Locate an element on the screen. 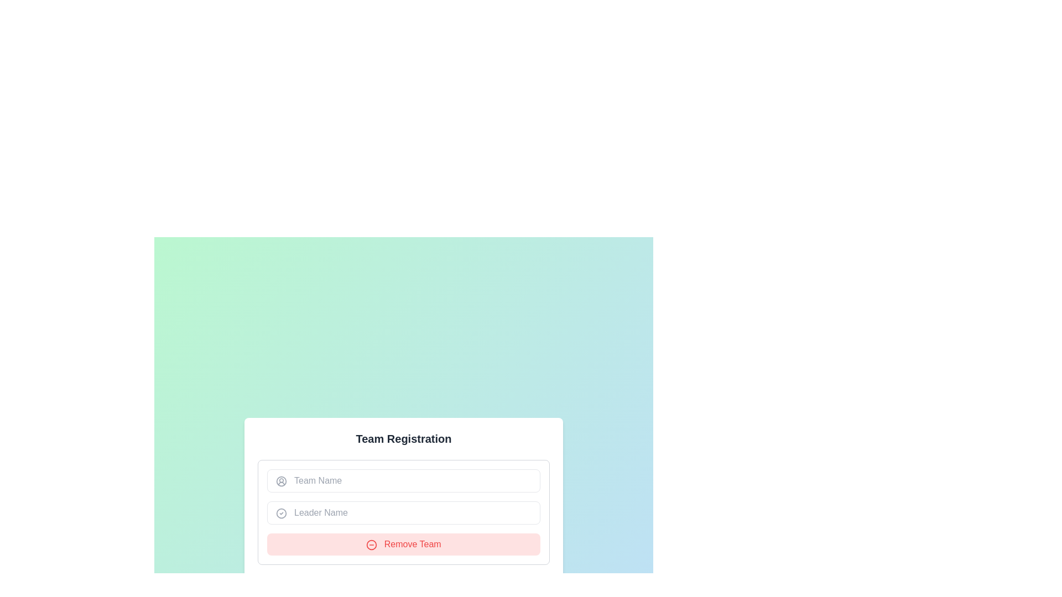  the 'Remove Team' button featuring a red icon and text by tabbing for accessibility is located at coordinates (403, 543).